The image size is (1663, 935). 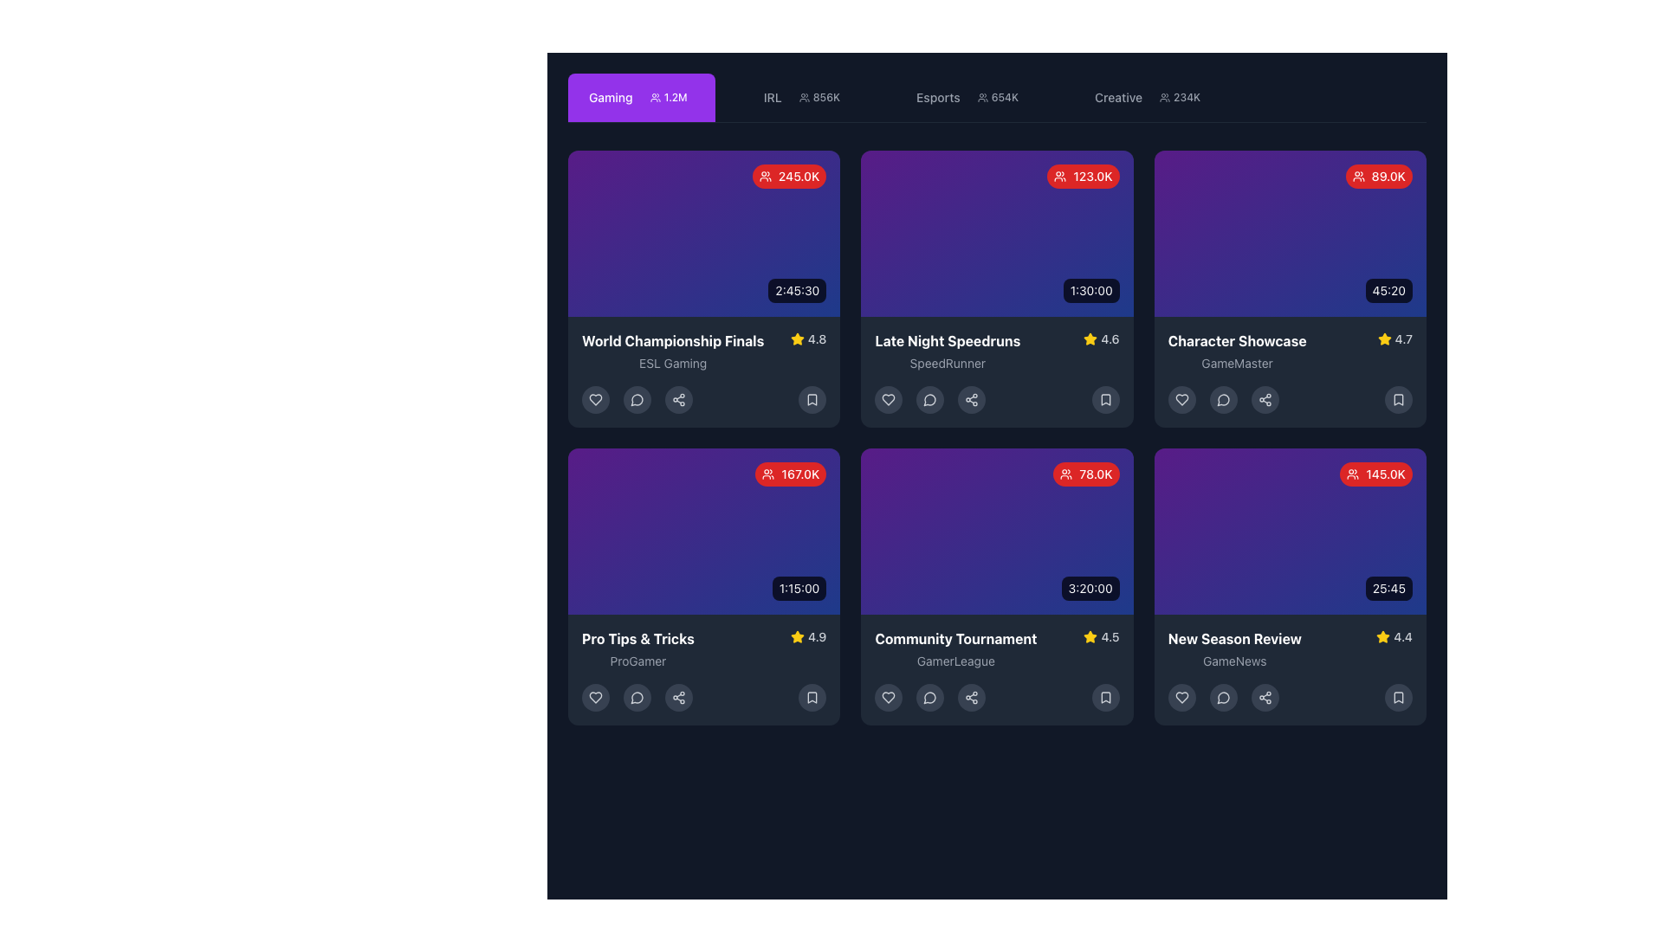 I want to click on the bookmark icon located in the bottom right corner of the 'Late Night Speedruns' card, so click(x=1104, y=400).